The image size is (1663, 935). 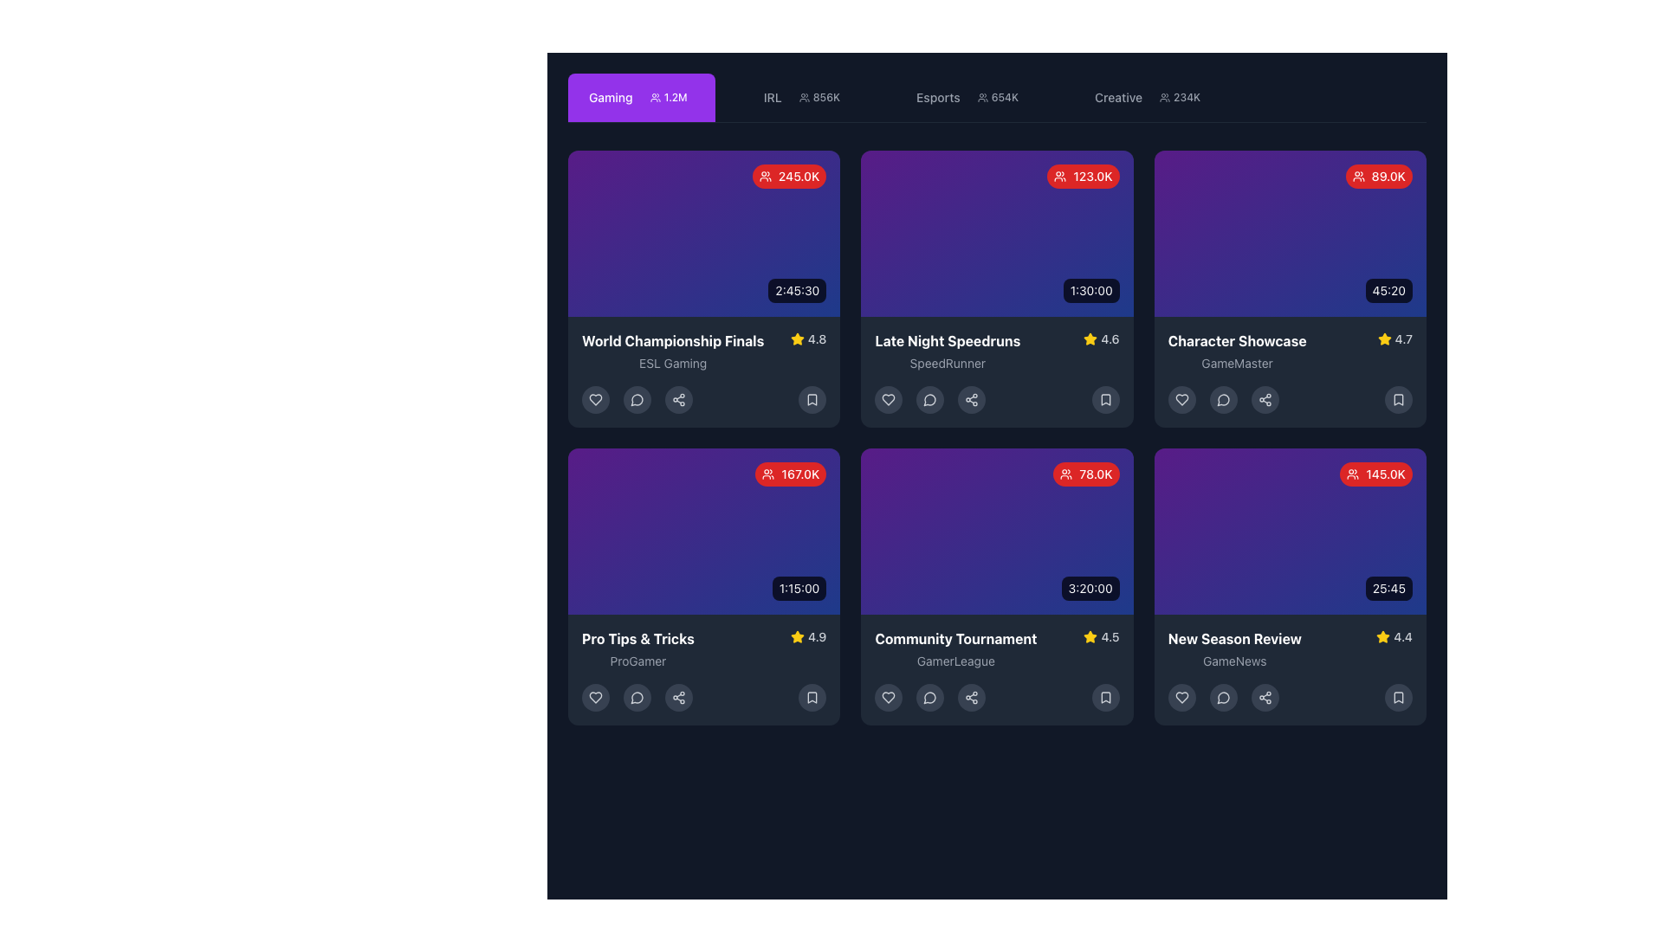 I want to click on the bookmark icon located in the bottom right corner of the 'Late Night Speedruns' card, so click(x=1104, y=400).